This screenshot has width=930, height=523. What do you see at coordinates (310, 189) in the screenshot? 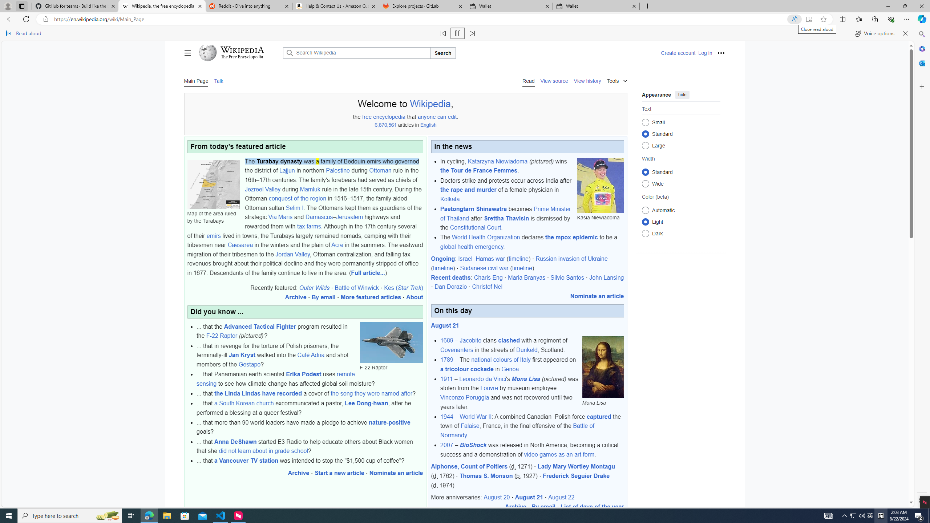
I see `'Mamluk'` at bounding box center [310, 189].